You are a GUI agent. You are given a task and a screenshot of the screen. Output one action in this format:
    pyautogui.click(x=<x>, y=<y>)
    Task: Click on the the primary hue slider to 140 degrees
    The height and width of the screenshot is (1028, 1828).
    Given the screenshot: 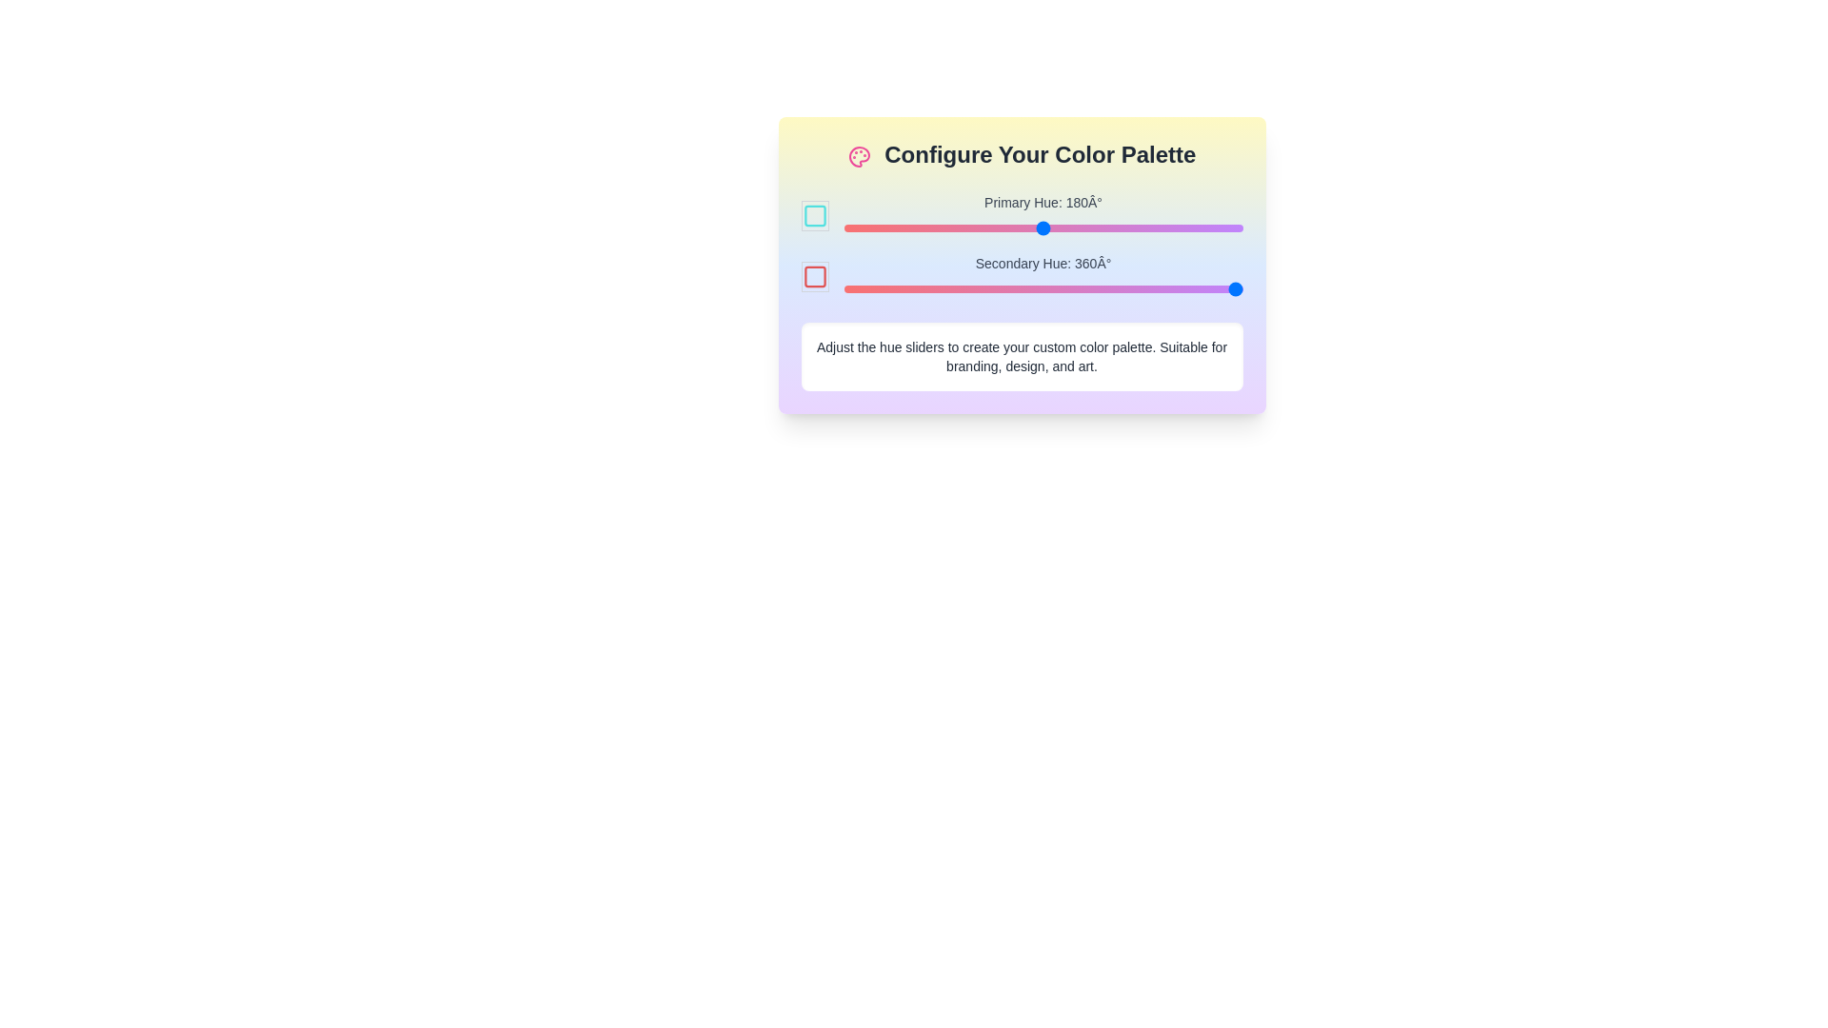 What is the action you would take?
    pyautogui.click(x=998, y=227)
    